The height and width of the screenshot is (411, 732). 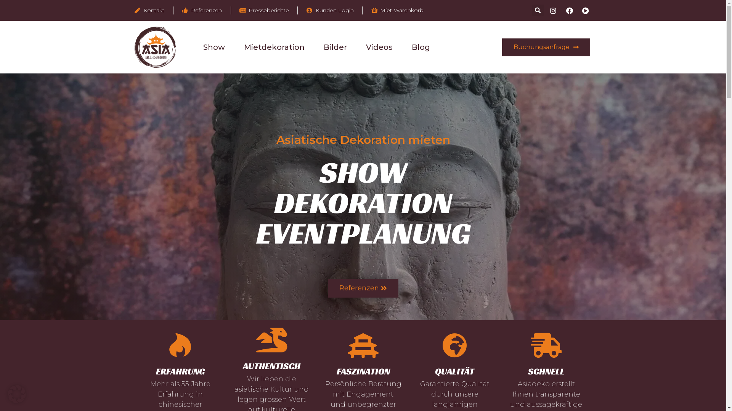 What do you see at coordinates (366, 47) in the screenshot?
I see `'Videos'` at bounding box center [366, 47].